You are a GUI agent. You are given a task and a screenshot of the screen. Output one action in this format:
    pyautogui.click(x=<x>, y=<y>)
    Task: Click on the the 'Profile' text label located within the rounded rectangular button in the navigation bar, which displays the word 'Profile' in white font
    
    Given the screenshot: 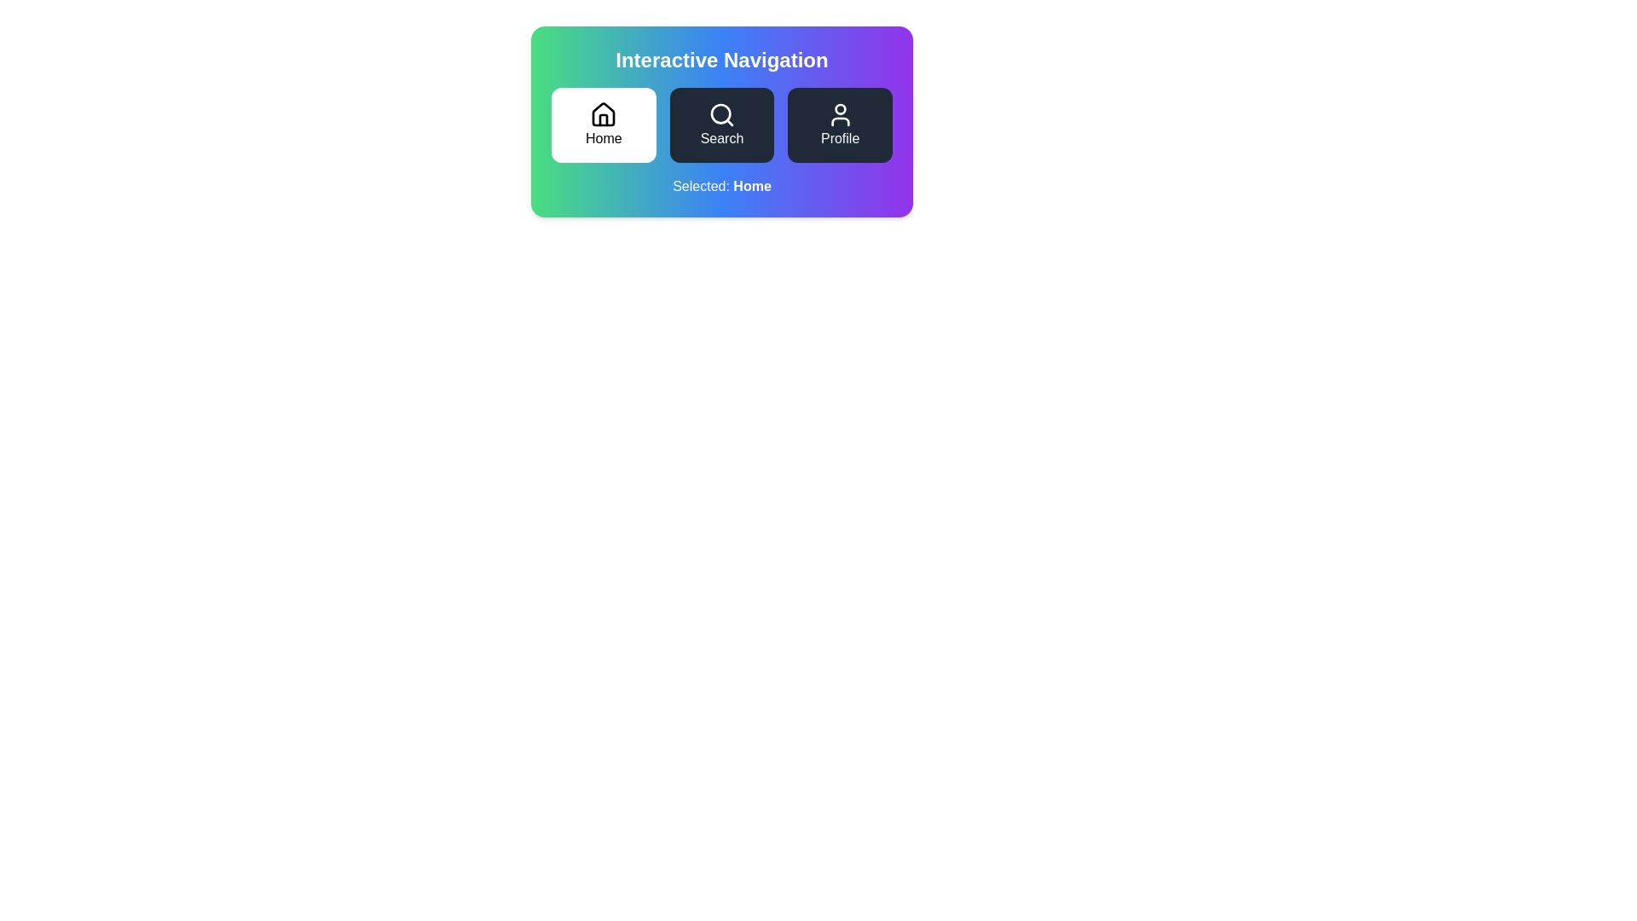 What is the action you would take?
    pyautogui.click(x=840, y=137)
    